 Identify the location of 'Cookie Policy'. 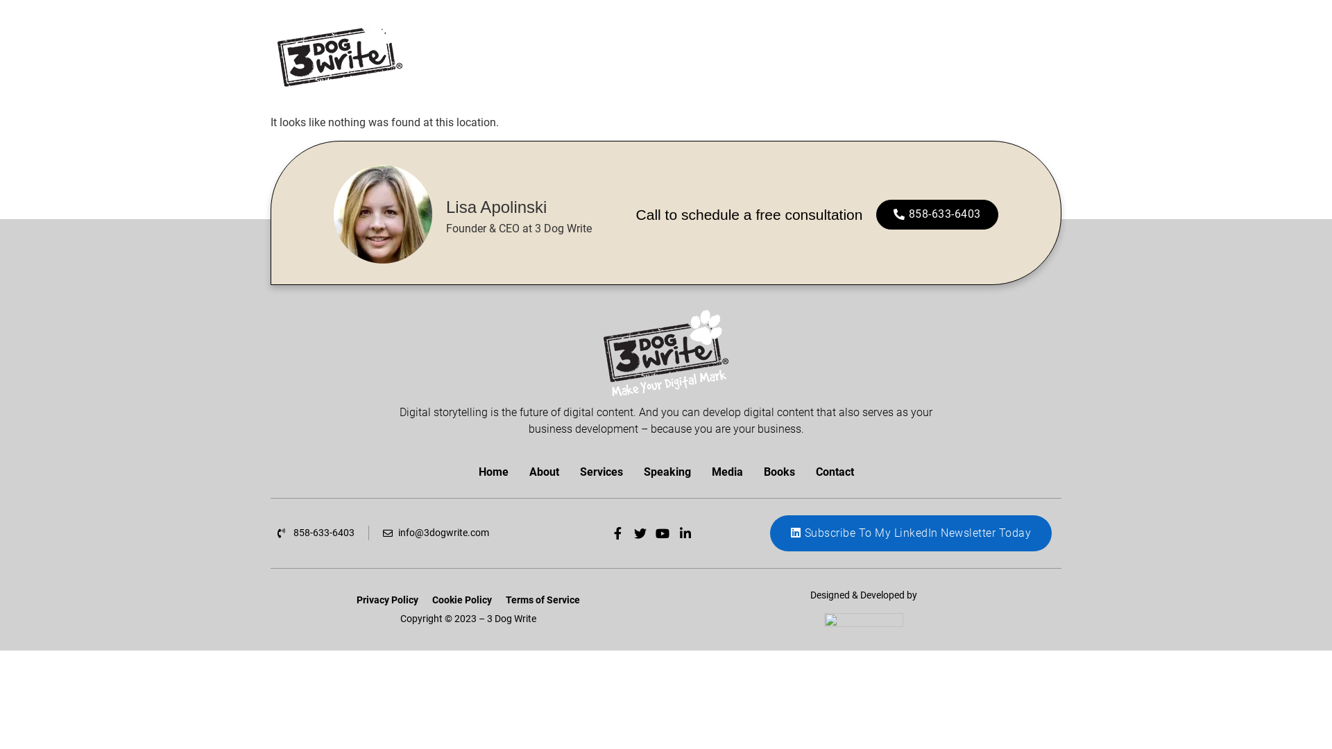
(425, 599).